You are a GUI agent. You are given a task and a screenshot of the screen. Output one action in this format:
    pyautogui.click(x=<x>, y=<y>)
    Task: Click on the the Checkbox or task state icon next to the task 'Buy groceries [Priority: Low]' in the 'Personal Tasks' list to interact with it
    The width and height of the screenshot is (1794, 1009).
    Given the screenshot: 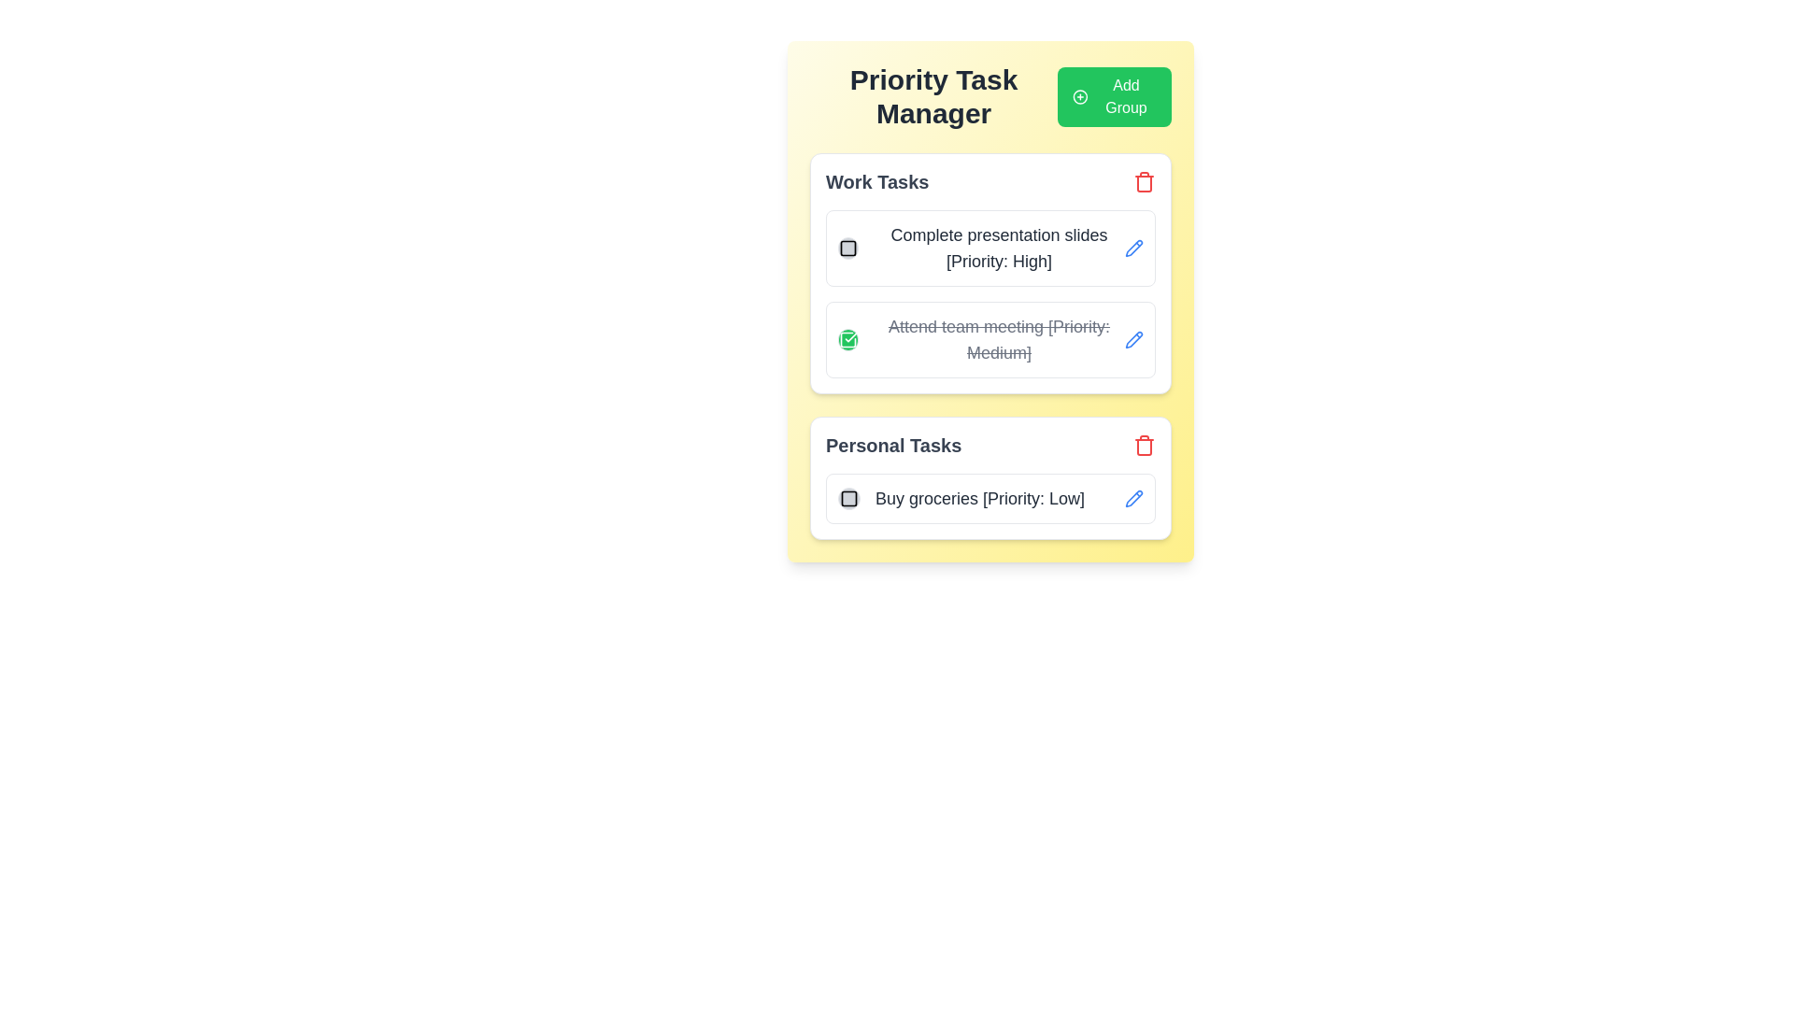 What is the action you would take?
    pyautogui.click(x=847, y=497)
    